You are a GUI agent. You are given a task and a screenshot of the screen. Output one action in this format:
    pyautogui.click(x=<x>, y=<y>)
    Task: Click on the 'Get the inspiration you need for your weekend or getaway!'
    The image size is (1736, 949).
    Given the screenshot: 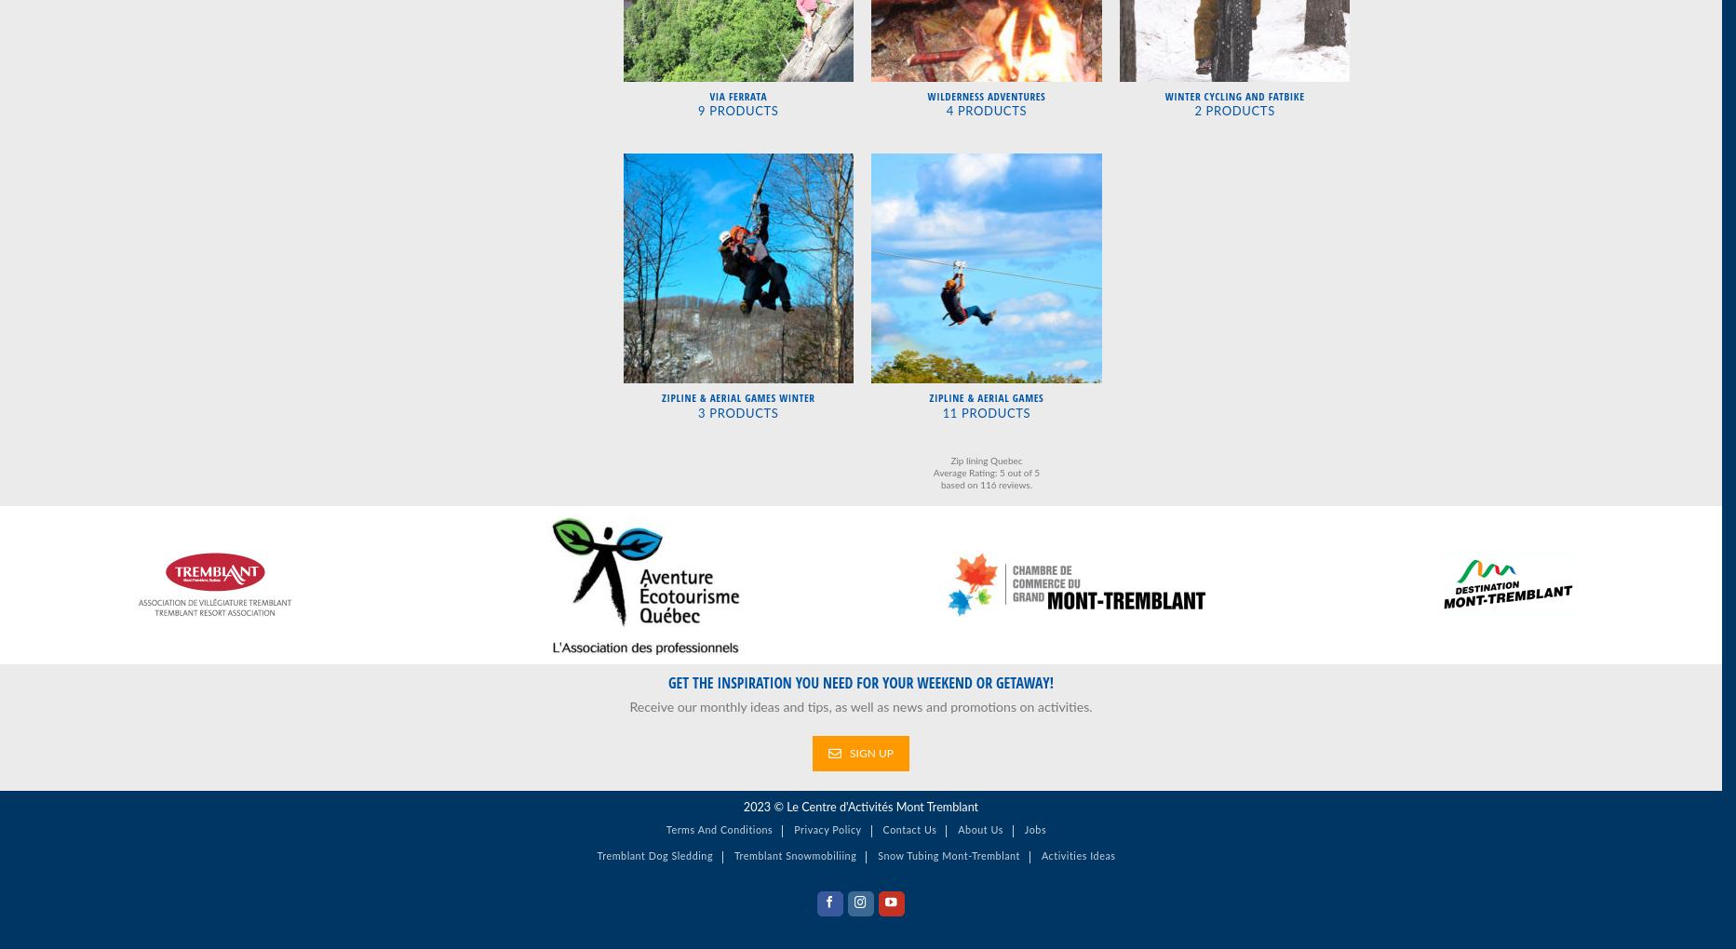 What is the action you would take?
    pyautogui.click(x=667, y=681)
    